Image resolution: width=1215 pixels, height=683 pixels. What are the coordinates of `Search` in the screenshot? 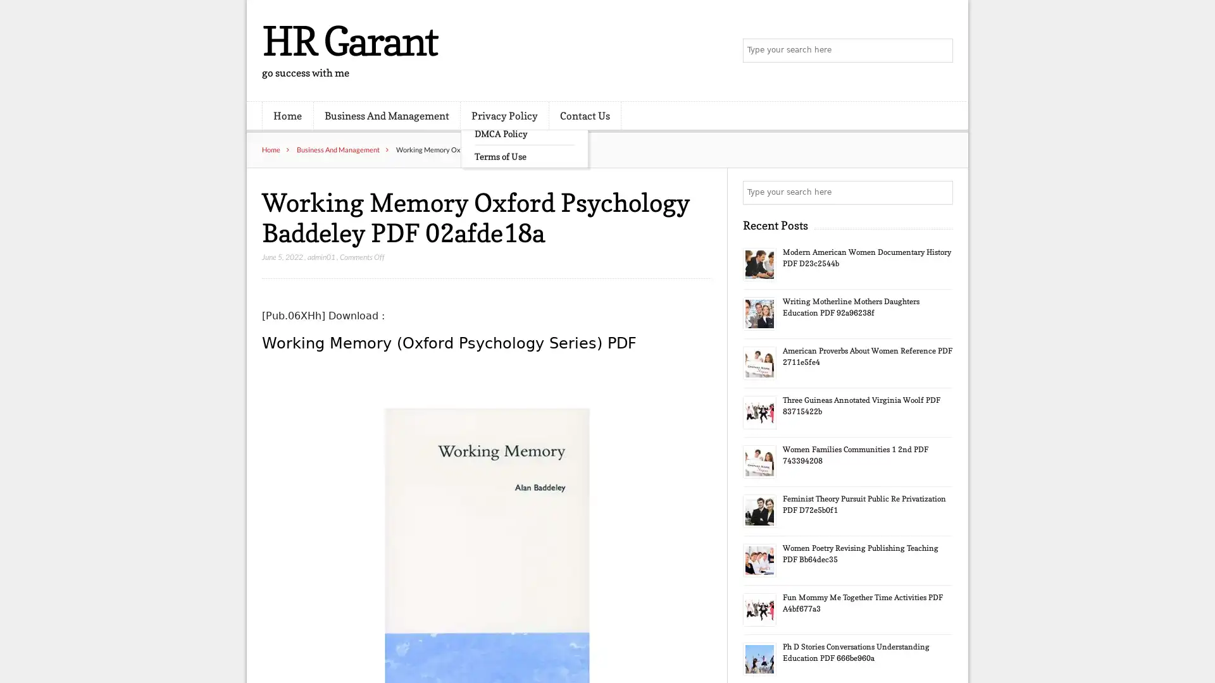 It's located at (940, 51).